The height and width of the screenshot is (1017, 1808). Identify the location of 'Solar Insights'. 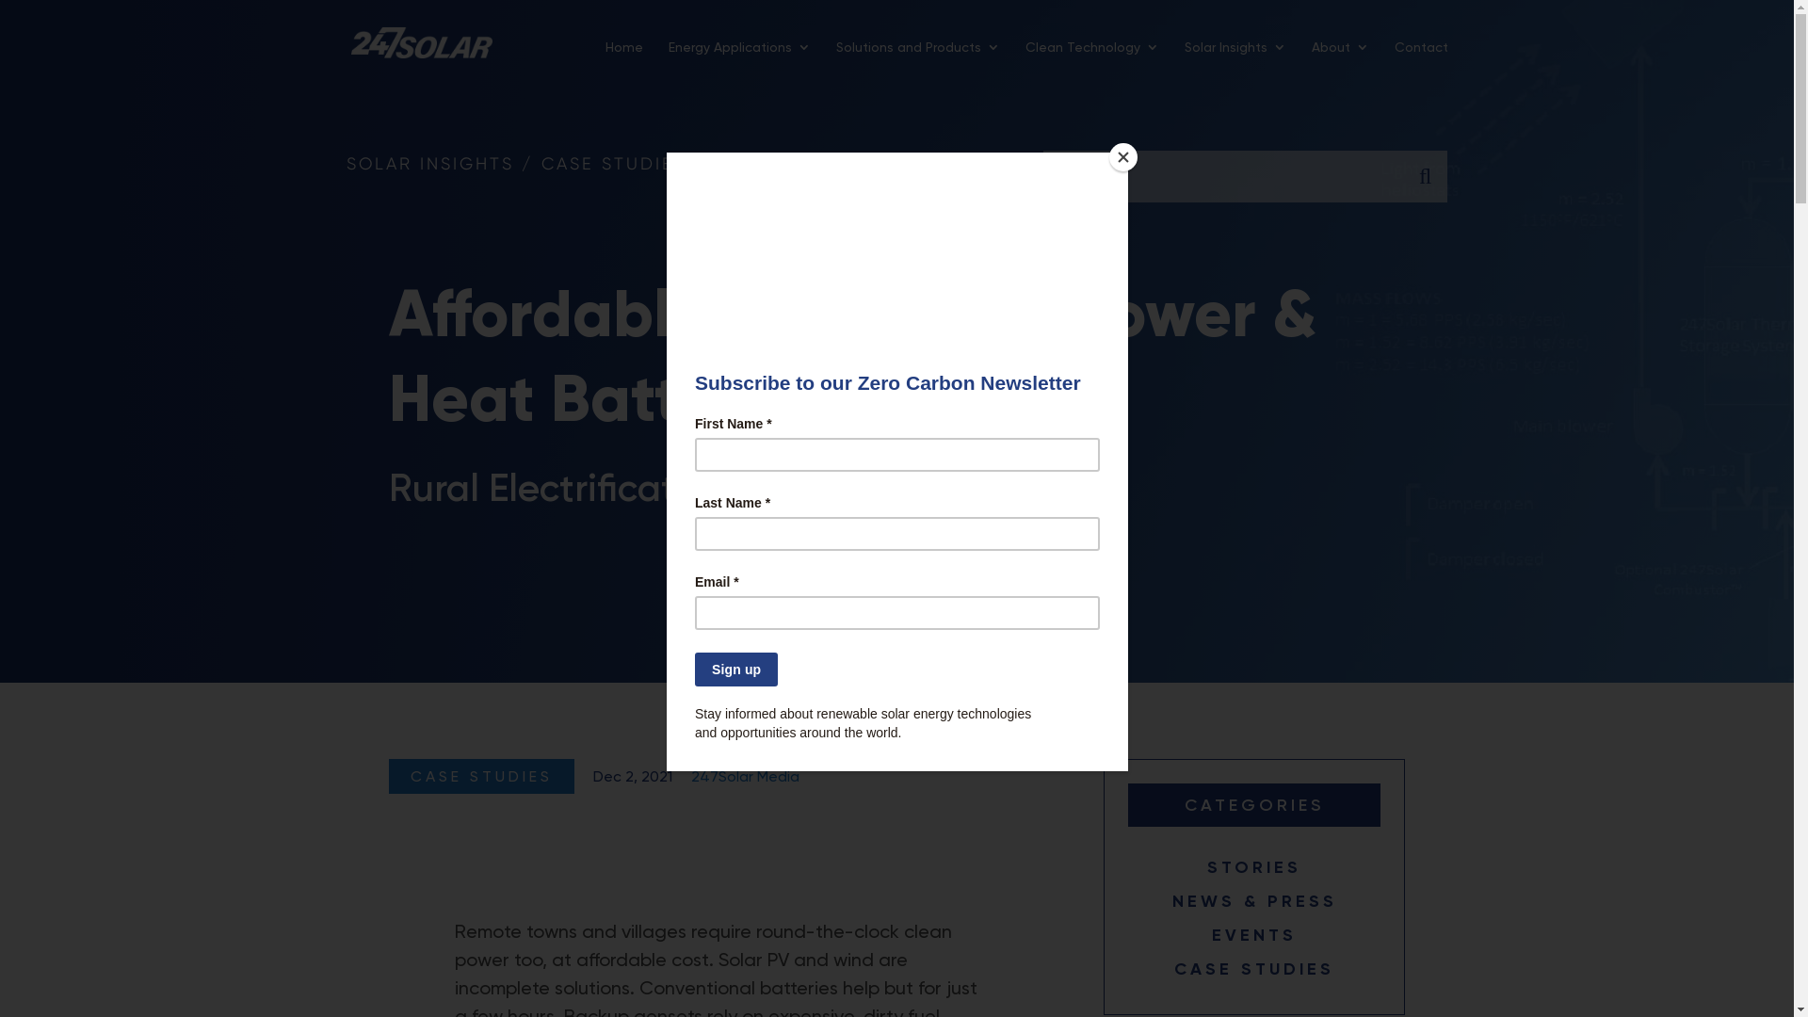
(1235, 61).